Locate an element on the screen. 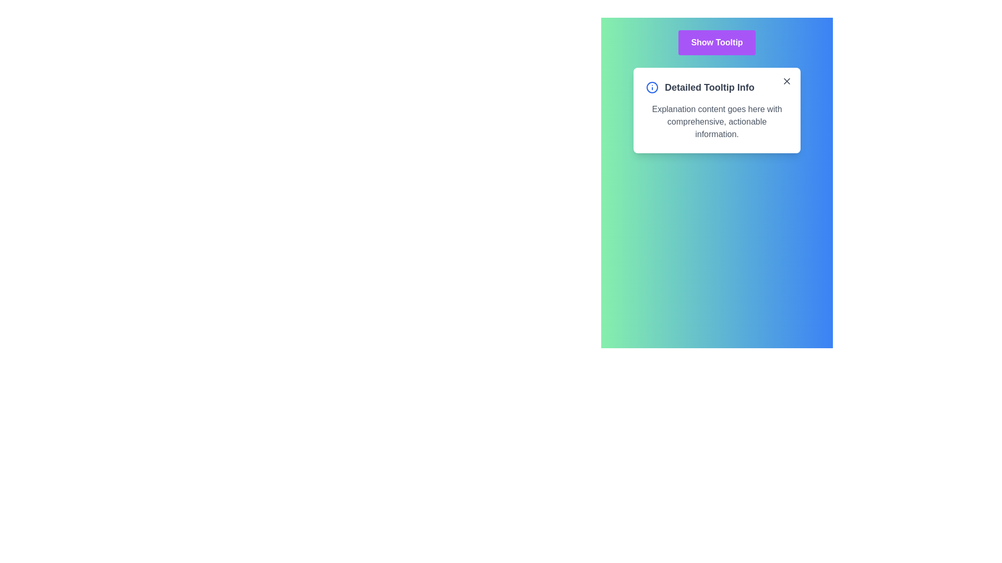  the Text Label located at the top of the tooltip card, which serves as a title or heading for the content within the tooltip is located at coordinates (716, 87).